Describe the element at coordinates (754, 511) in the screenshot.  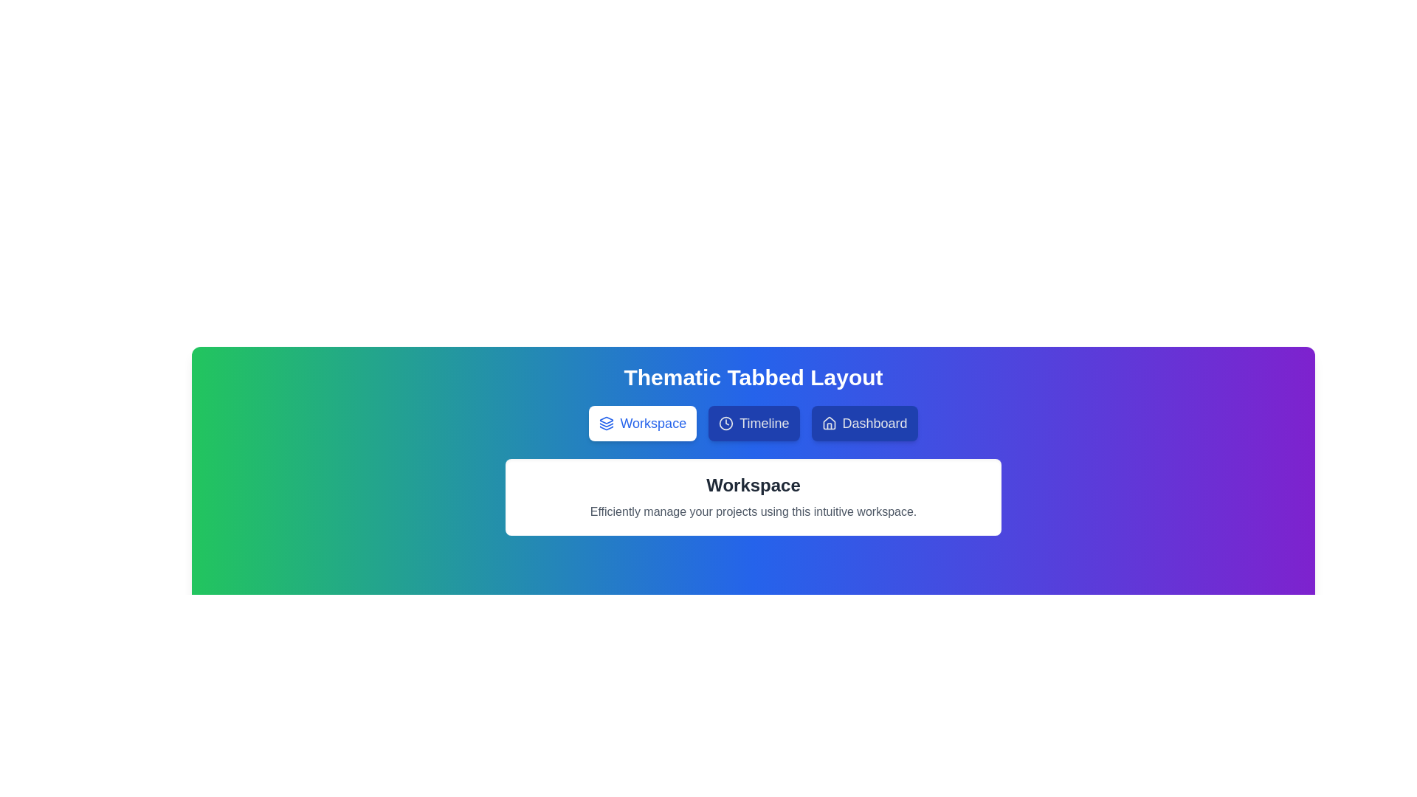
I see `static text element that provides a description of the functionality of the workspace, which reads: 'Efficiently manage your projects using this intuitive workspace.'` at that location.